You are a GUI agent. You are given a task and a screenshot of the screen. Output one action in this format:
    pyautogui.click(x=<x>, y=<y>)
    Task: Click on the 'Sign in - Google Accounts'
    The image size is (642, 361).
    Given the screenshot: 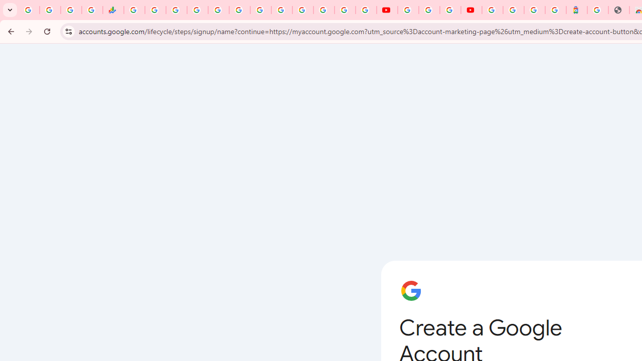 What is the action you would take?
    pyautogui.click(x=493, y=10)
    